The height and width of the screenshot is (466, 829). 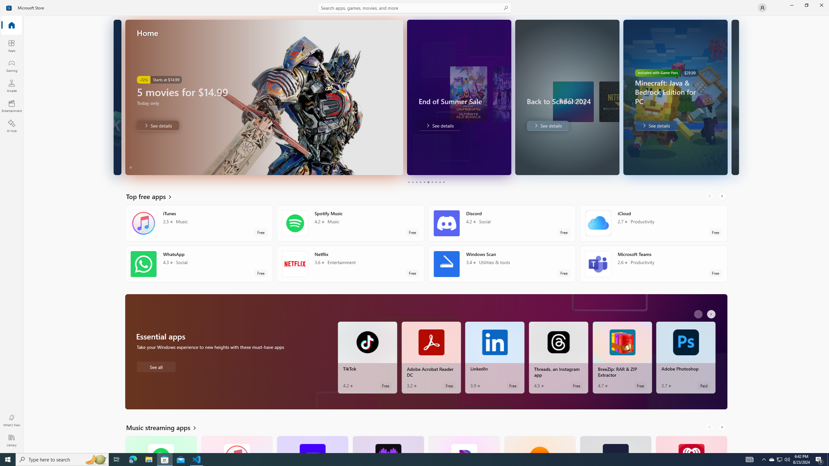 What do you see at coordinates (424, 182) in the screenshot?
I see `'Page 5'` at bounding box center [424, 182].